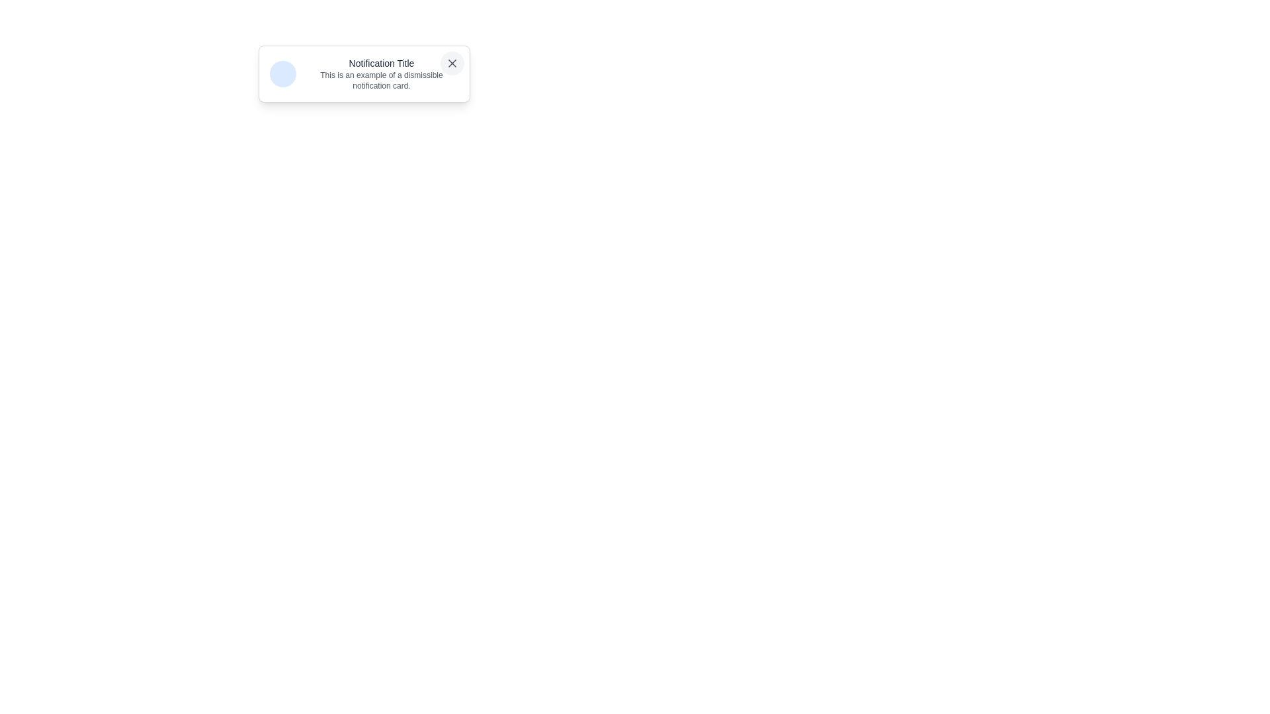  What do you see at coordinates (380, 63) in the screenshot?
I see `the text label displaying 'Notification Title' which is prominently positioned at the top of the card-like structure` at bounding box center [380, 63].